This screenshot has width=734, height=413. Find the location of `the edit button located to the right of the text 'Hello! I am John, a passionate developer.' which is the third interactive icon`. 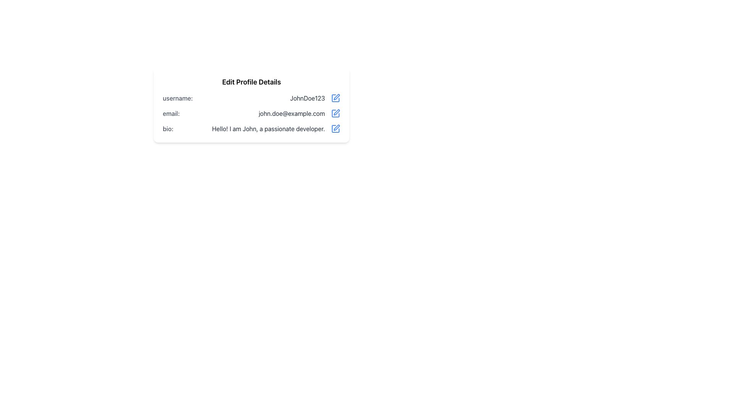

the edit button located to the right of the text 'Hello! I am John, a passionate developer.' which is the third interactive icon is located at coordinates (336, 128).